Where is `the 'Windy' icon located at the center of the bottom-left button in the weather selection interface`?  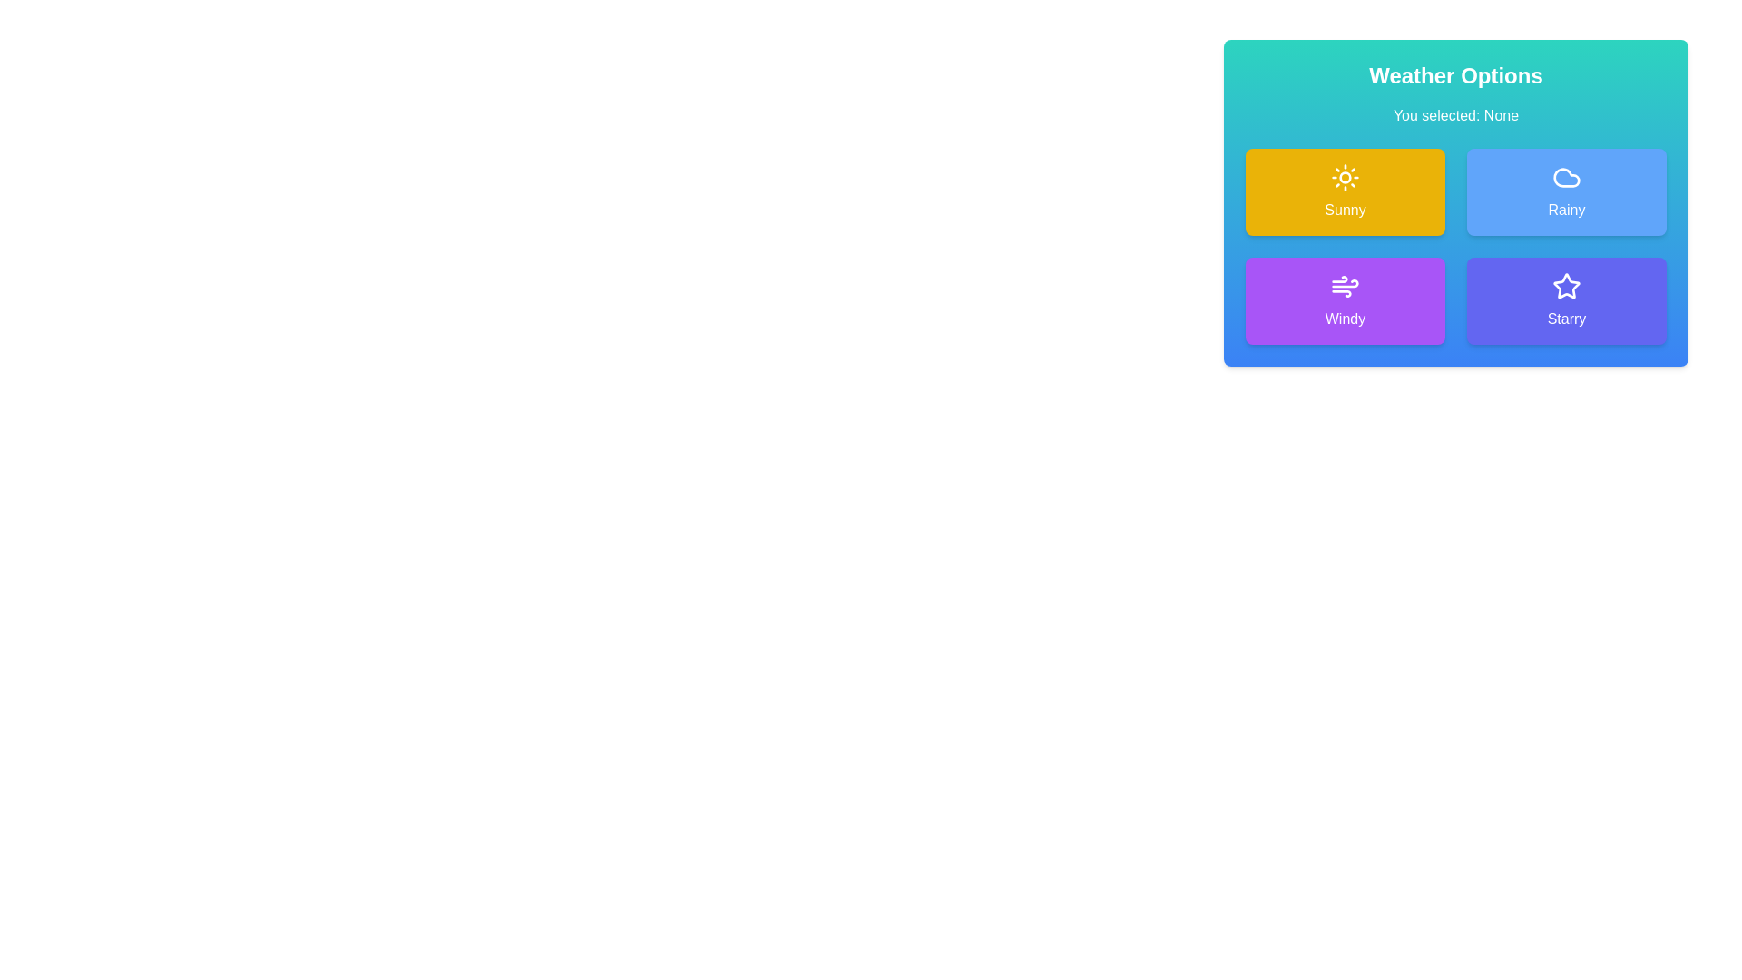 the 'Windy' icon located at the center of the bottom-left button in the weather selection interface is located at coordinates (1346, 286).